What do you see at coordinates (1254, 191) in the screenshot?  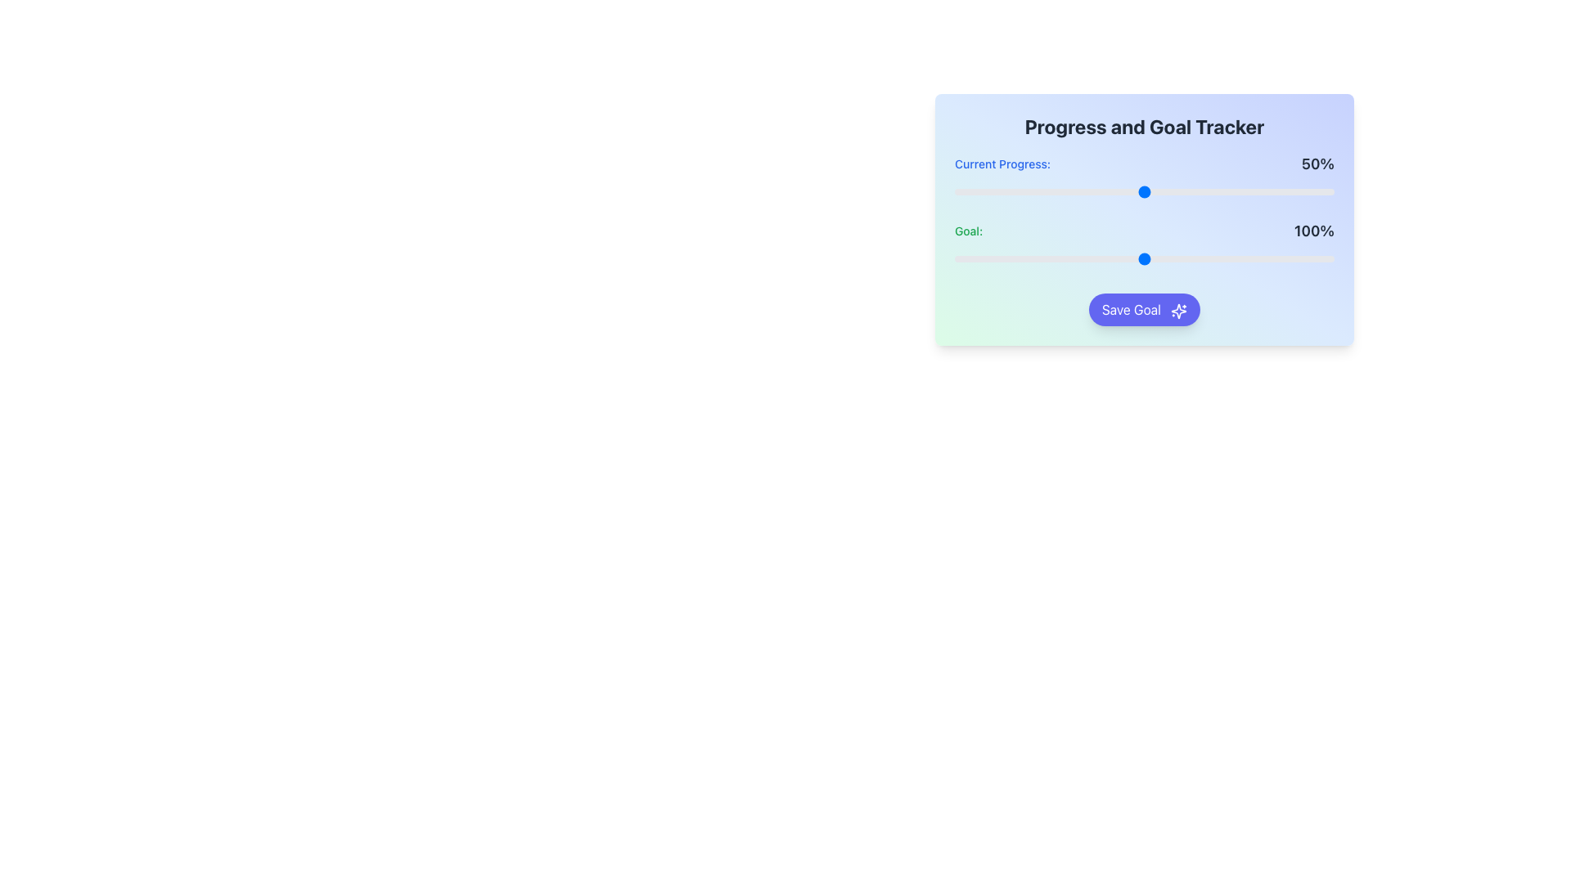 I see `the slider` at bounding box center [1254, 191].